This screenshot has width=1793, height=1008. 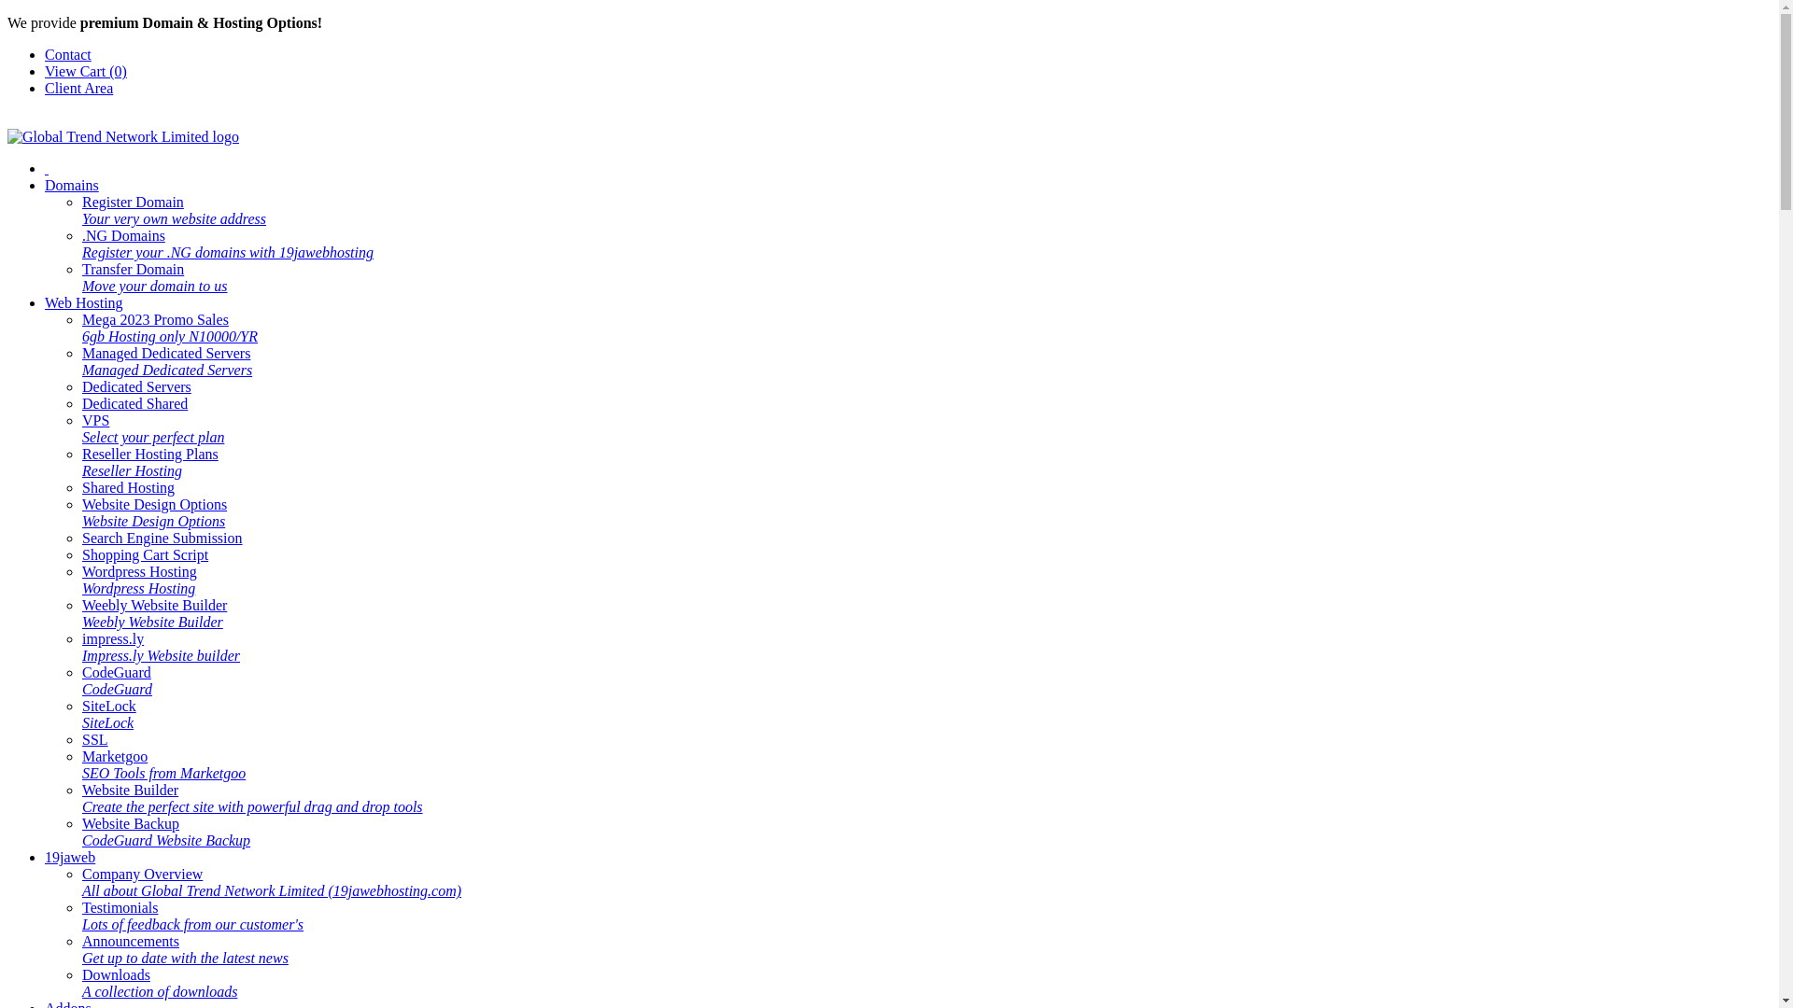 What do you see at coordinates (138, 579) in the screenshot?
I see `'Wordpress Hosting` at bounding box center [138, 579].